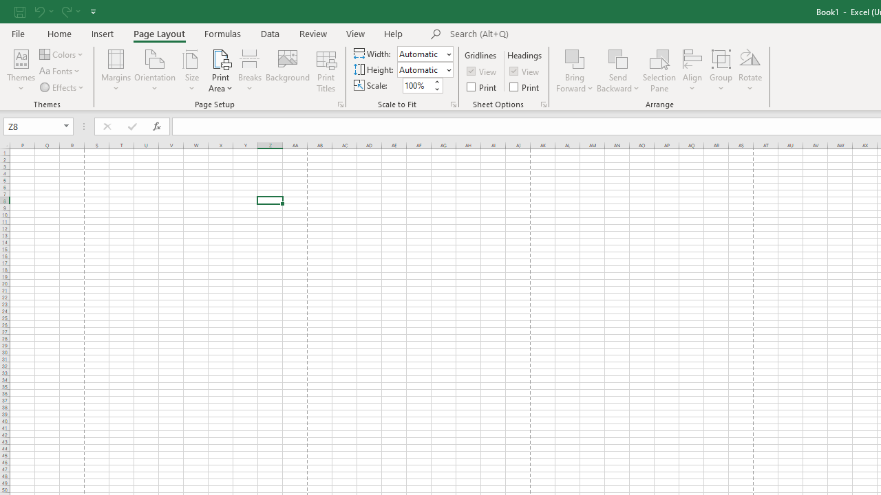 This screenshot has width=881, height=495. Describe the element at coordinates (425, 53) in the screenshot. I see `'Width'` at that location.